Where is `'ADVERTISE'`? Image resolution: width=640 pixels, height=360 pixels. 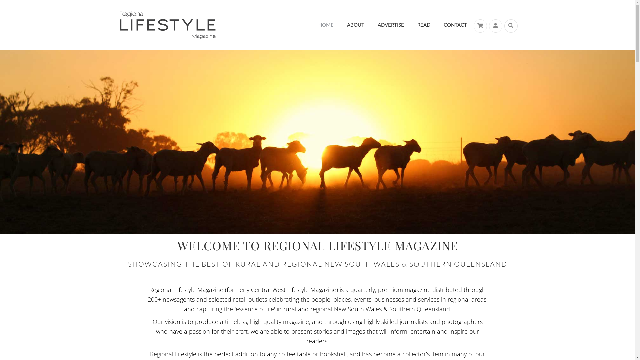
'ADVERTISE' is located at coordinates (390, 25).